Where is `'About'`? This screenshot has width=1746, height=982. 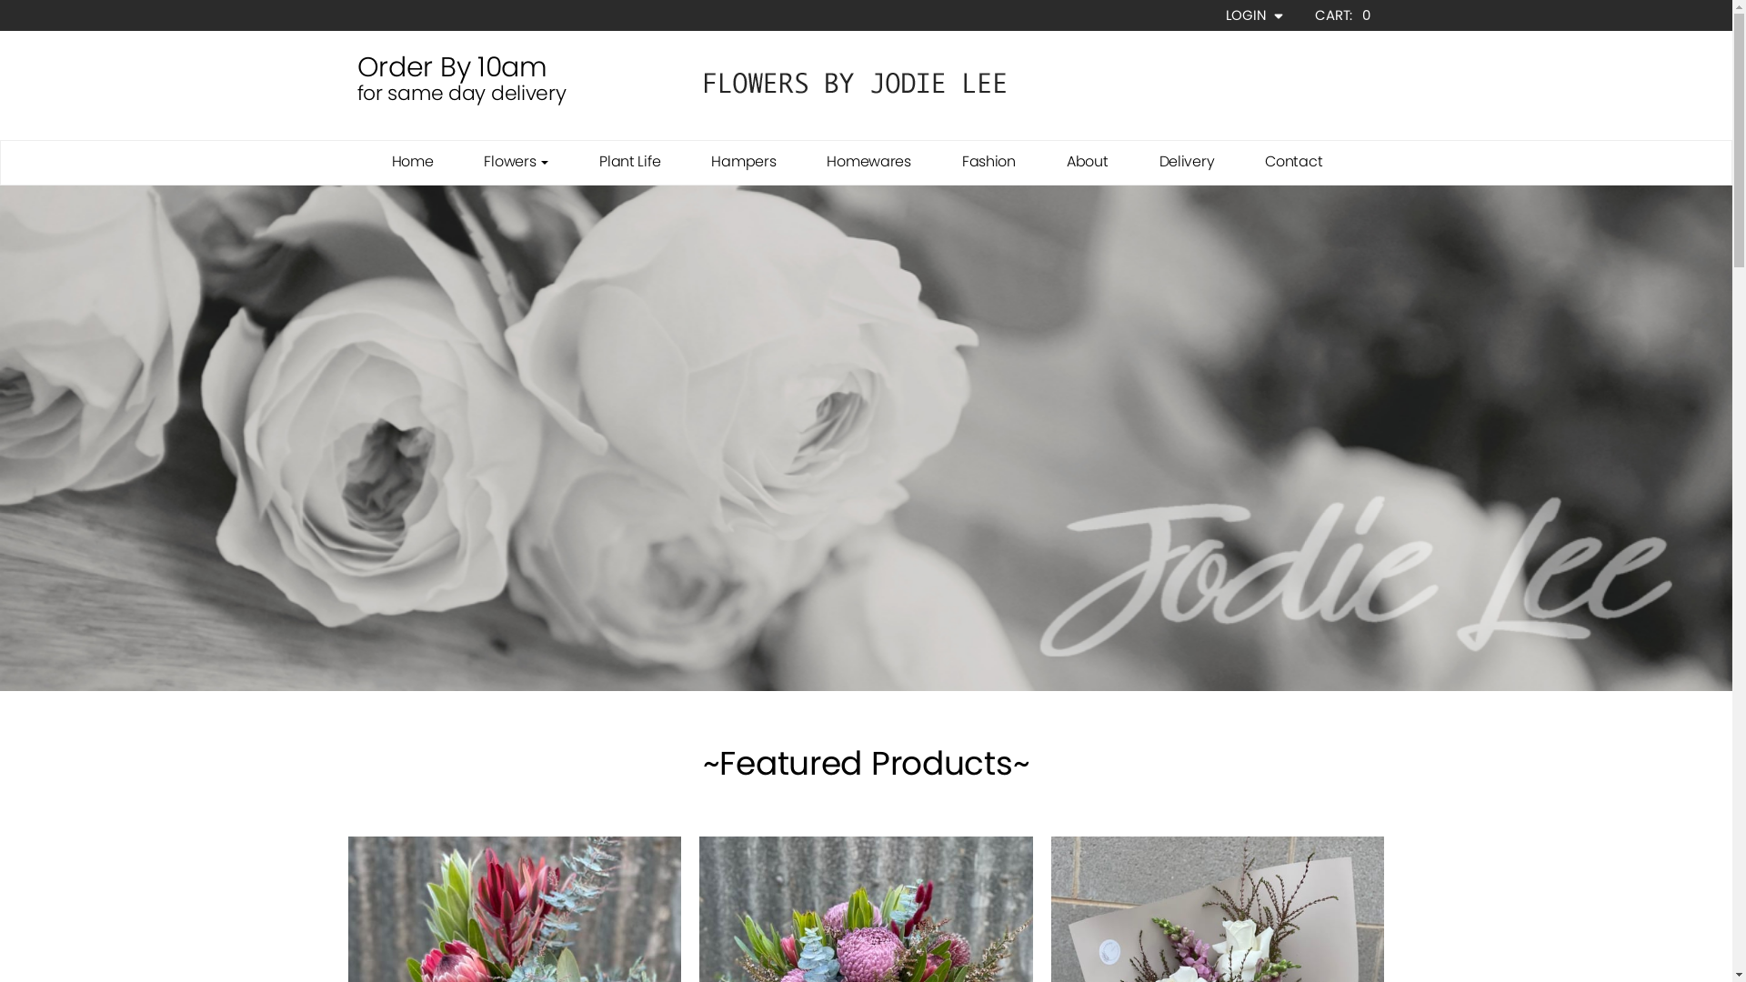
'About' is located at coordinates (1087, 160).